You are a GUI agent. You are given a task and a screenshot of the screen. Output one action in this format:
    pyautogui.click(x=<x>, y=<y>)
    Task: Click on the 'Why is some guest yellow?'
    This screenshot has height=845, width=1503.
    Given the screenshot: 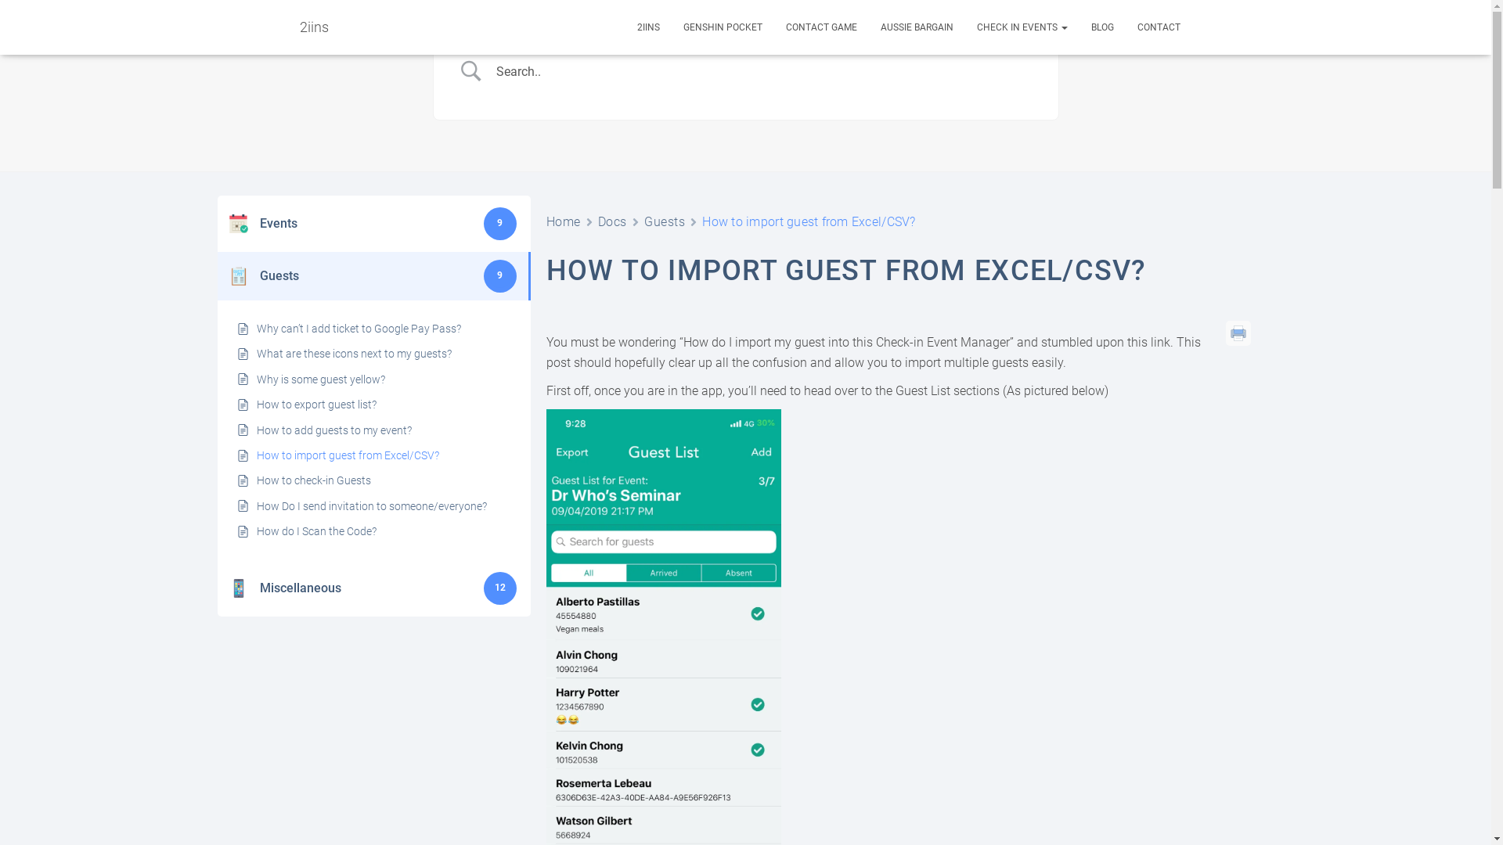 What is the action you would take?
    pyautogui.click(x=319, y=379)
    